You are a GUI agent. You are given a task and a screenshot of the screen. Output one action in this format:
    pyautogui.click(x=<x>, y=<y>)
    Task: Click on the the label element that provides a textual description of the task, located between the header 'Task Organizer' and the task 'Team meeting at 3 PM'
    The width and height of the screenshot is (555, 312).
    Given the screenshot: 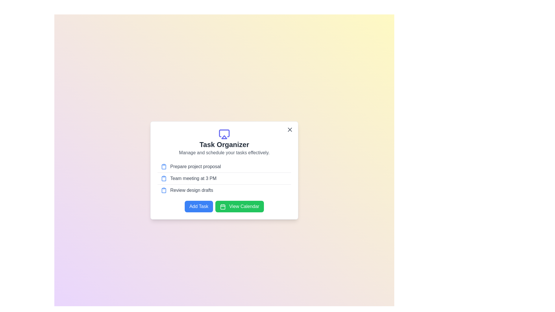 What is the action you would take?
    pyautogui.click(x=195, y=167)
    